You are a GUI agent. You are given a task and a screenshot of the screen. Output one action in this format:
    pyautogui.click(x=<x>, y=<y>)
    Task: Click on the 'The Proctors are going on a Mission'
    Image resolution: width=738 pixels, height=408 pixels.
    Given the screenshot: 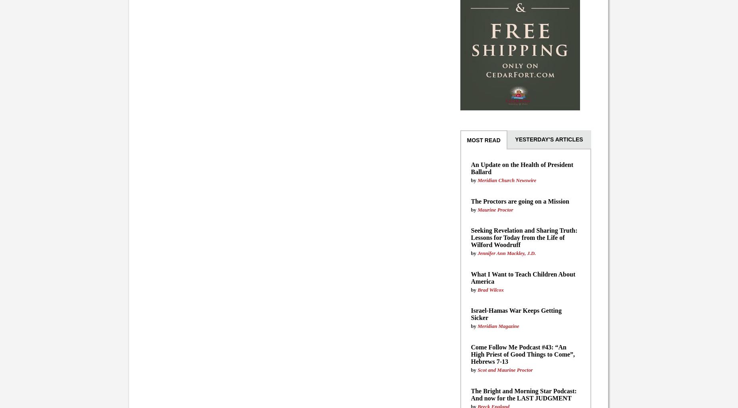 What is the action you would take?
    pyautogui.click(x=519, y=200)
    